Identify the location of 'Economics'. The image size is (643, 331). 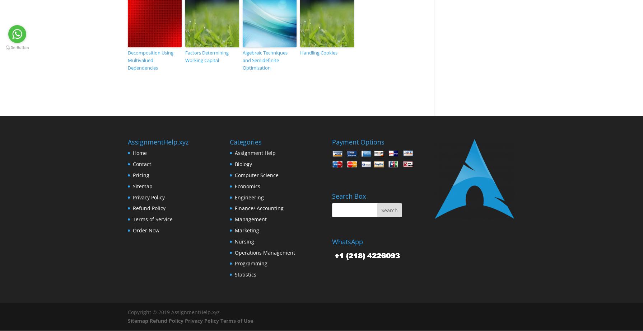
(247, 185).